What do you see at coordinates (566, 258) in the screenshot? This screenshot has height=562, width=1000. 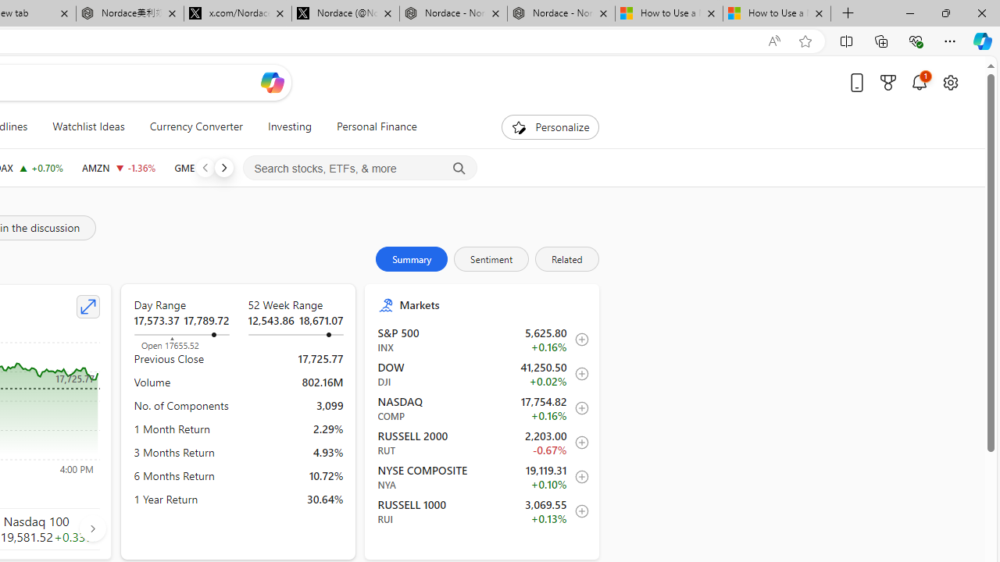 I see `'Related'` at bounding box center [566, 258].